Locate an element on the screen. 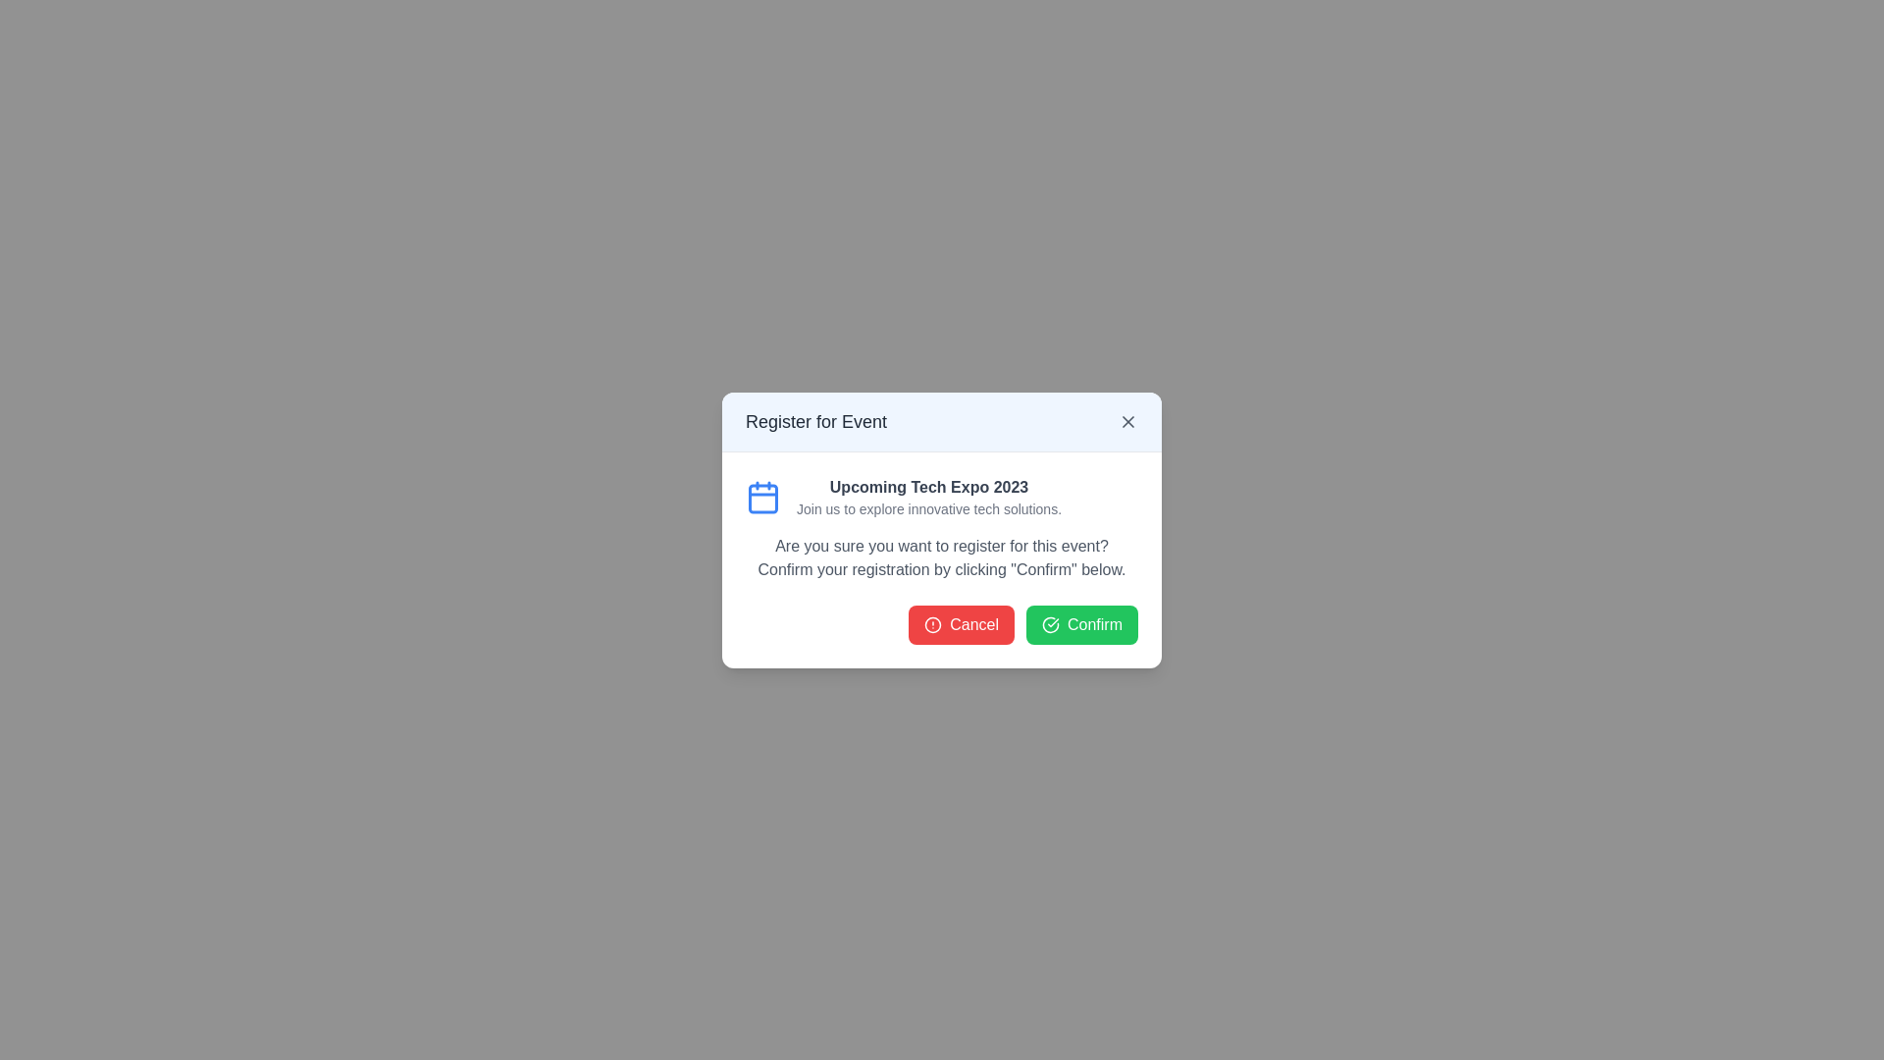  the caution icon embedded within the 'Cancel' button located on the confirmation dialog at the bottom left corner is located at coordinates (932, 624).